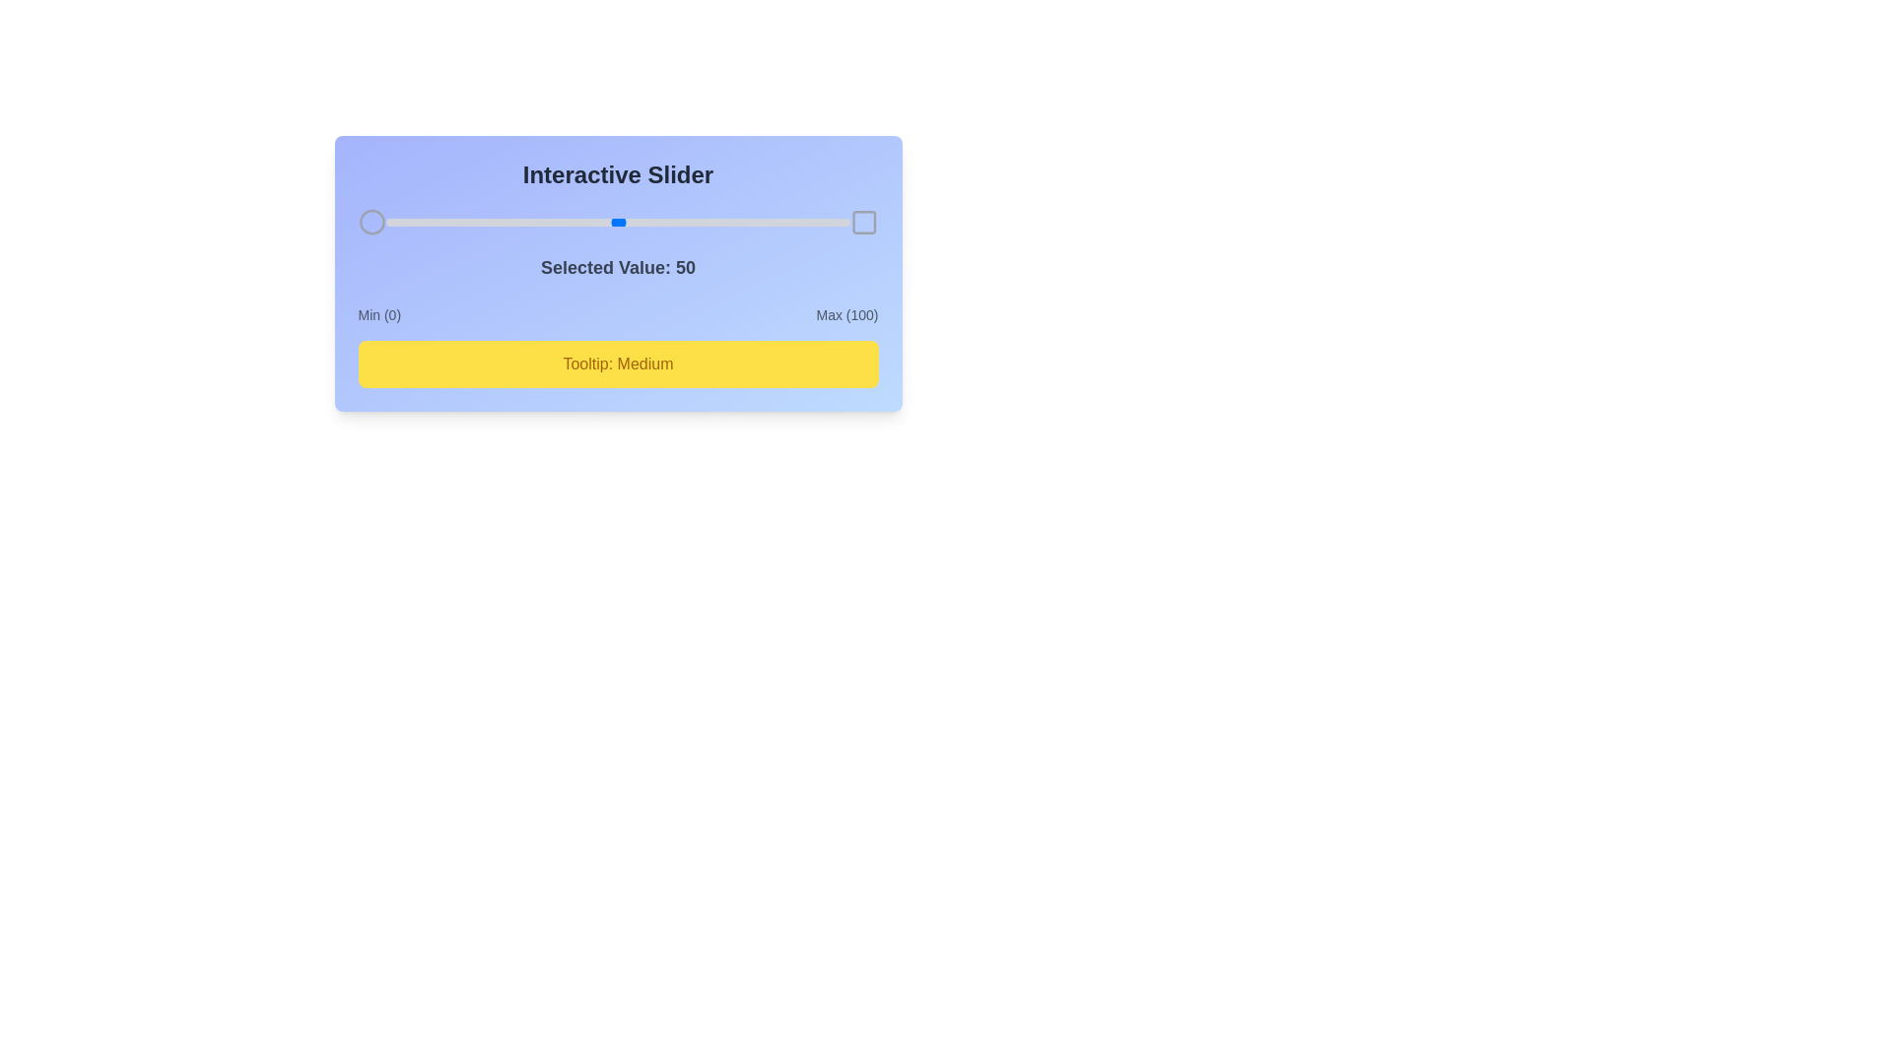 The image size is (1892, 1064). What do you see at coordinates (845, 222) in the screenshot?
I see `the slider to set its value to 99` at bounding box center [845, 222].